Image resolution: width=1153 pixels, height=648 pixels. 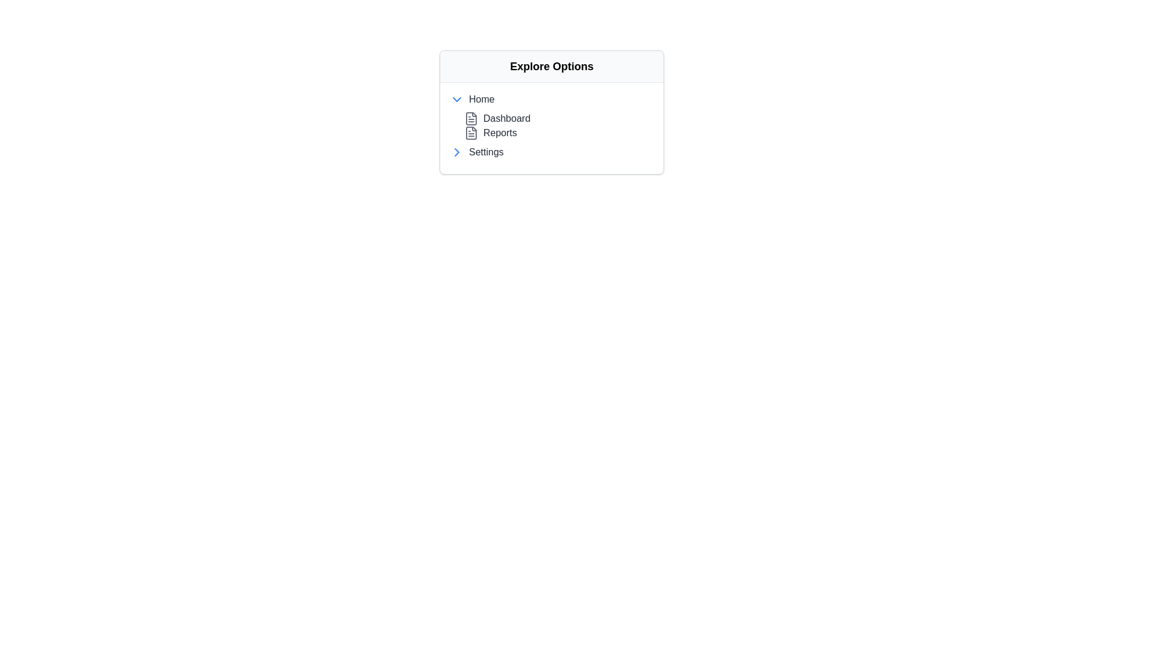 I want to click on the 'Reports' text label, which is the second entry under the 'Home' section in the vertical list under 'Explore Options', so click(x=500, y=133).